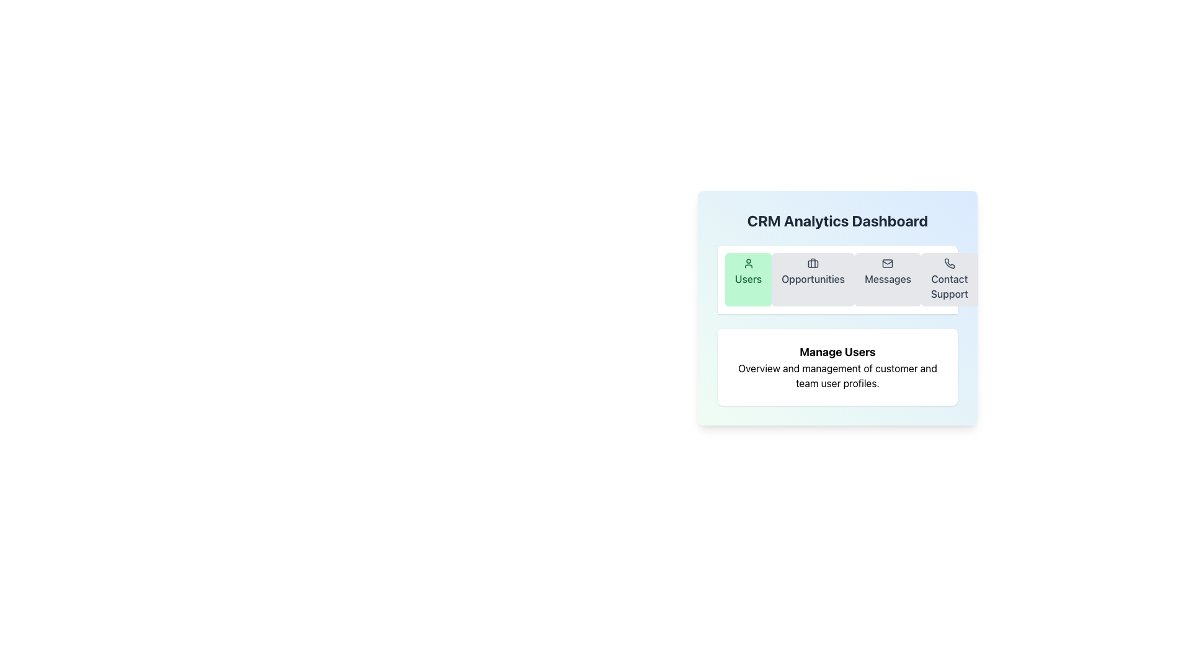 The height and width of the screenshot is (670, 1191). I want to click on the informational card that provides user management functionalities, located second from the bottom in the list of four segments, below the navigation bar buttons, so click(837, 366).